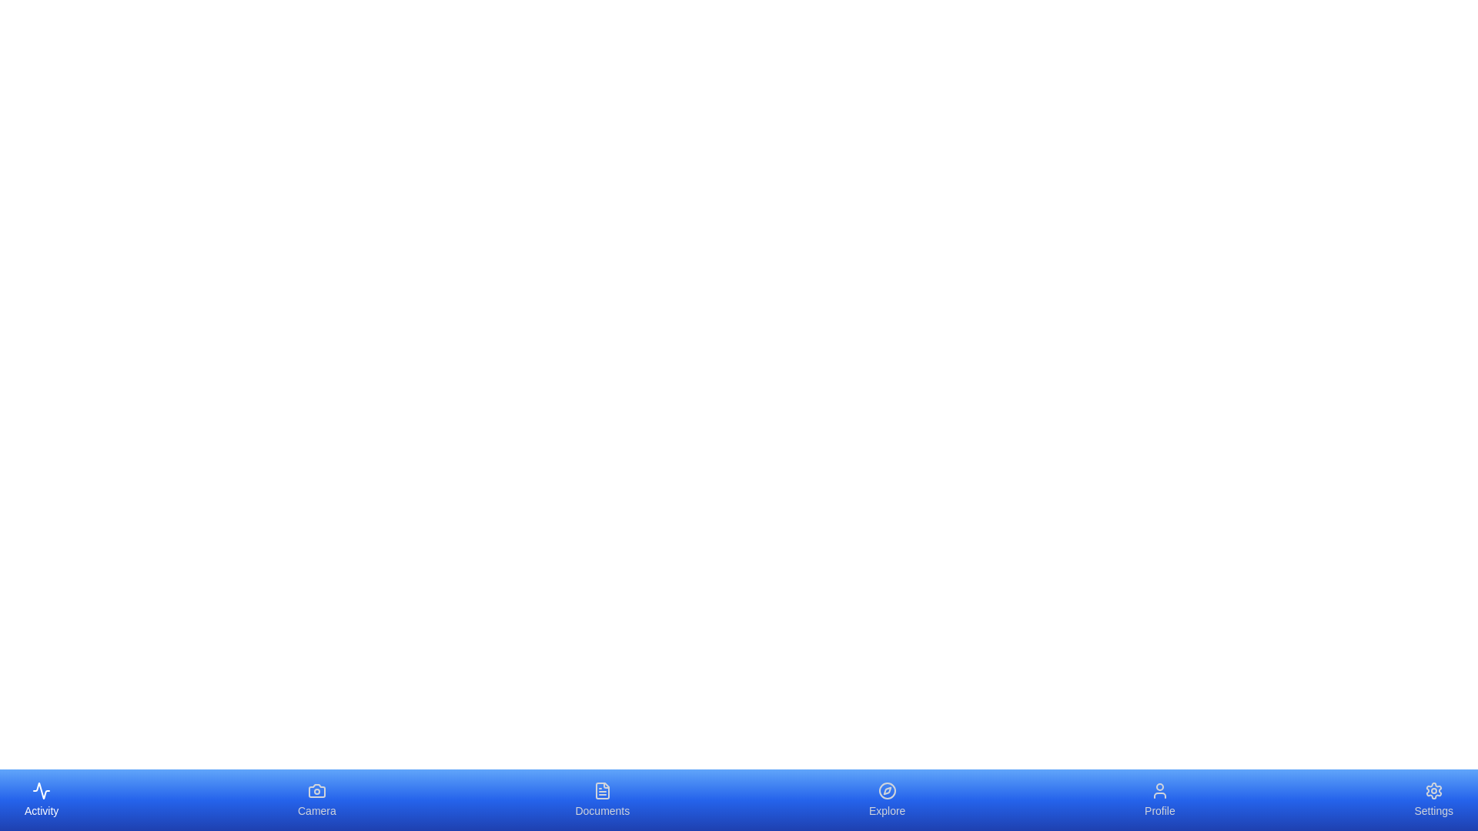 The width and height of the screenshot is (1478, 831). I want to click on the Explore element to display its tooltip, so click(887, 799).